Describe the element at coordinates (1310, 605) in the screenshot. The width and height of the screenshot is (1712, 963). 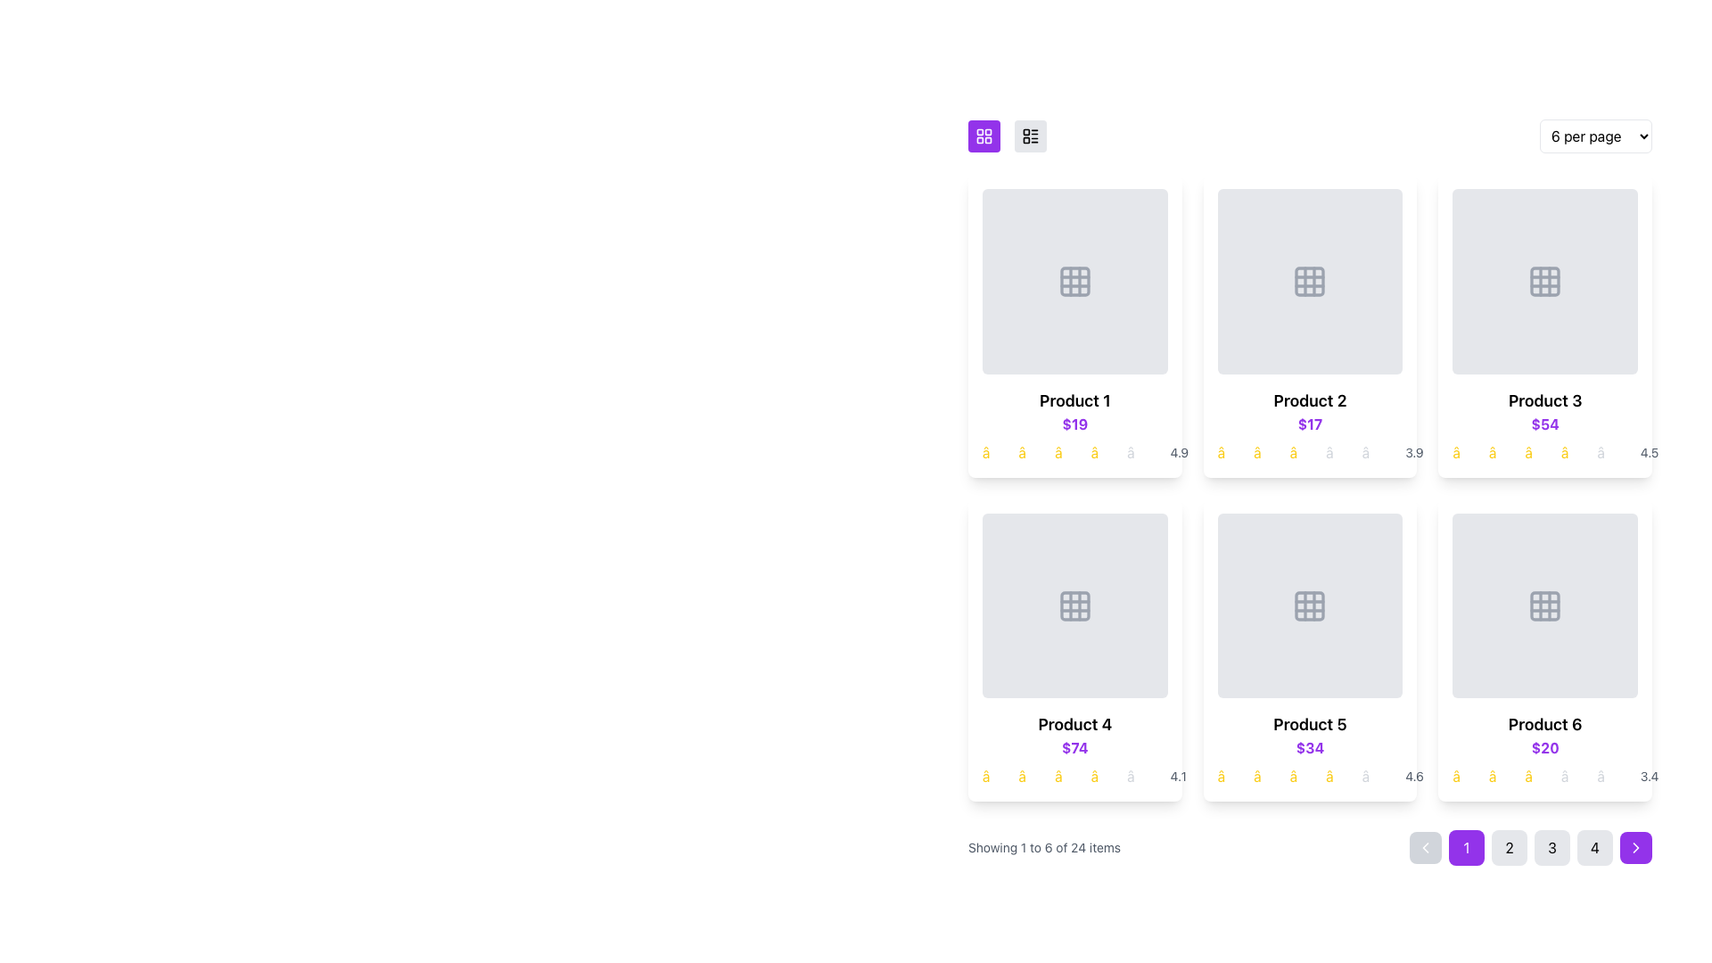
I see `the grid icon in the fifth position of the card layout, which serves as decorative imagery for the product` at that location.